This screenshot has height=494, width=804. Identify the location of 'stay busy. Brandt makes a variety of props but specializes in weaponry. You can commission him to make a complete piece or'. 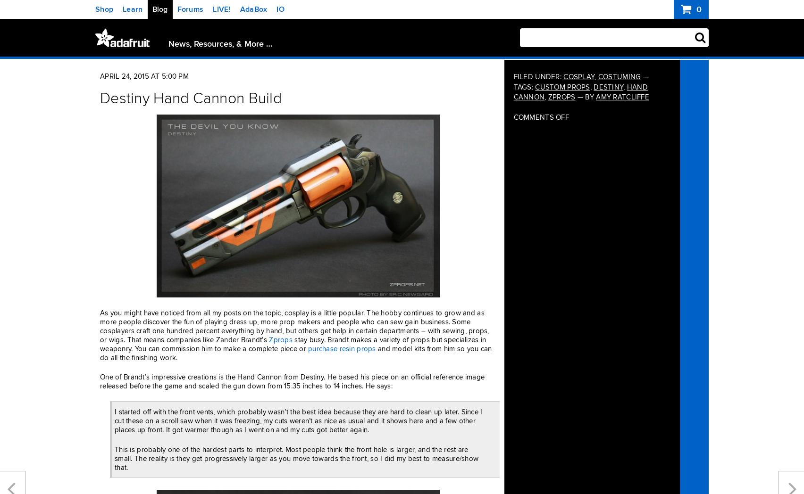
(293, 343).